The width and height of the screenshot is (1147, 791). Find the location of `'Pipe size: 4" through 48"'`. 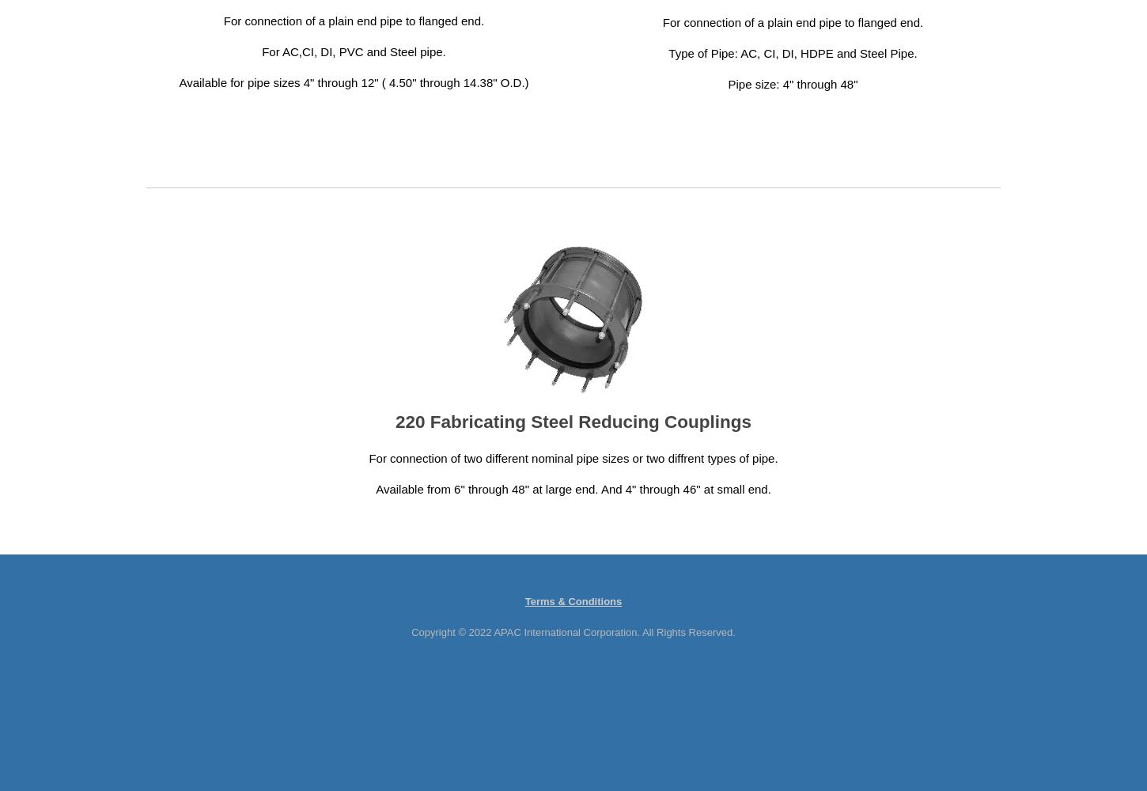

'Pipe size: 4" through 48"' is located at coordinates (792, 83).